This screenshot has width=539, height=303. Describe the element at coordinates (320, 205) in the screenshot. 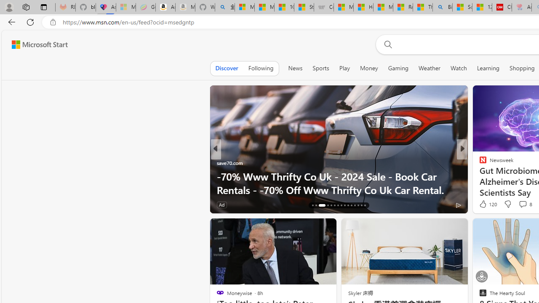

I see `'AutomationID: tab-18'` at that location.